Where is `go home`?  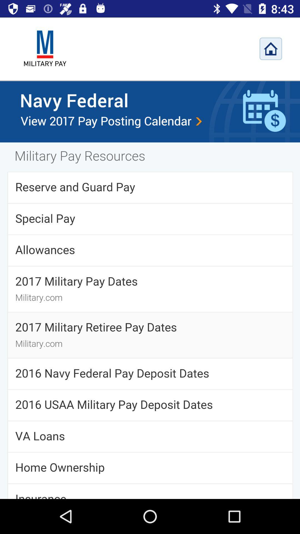
go home is located at coordinates (271, 49).